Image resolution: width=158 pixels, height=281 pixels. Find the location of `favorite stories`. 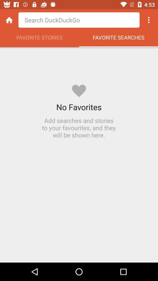

favorite stories is located at coordinates (39, 39).